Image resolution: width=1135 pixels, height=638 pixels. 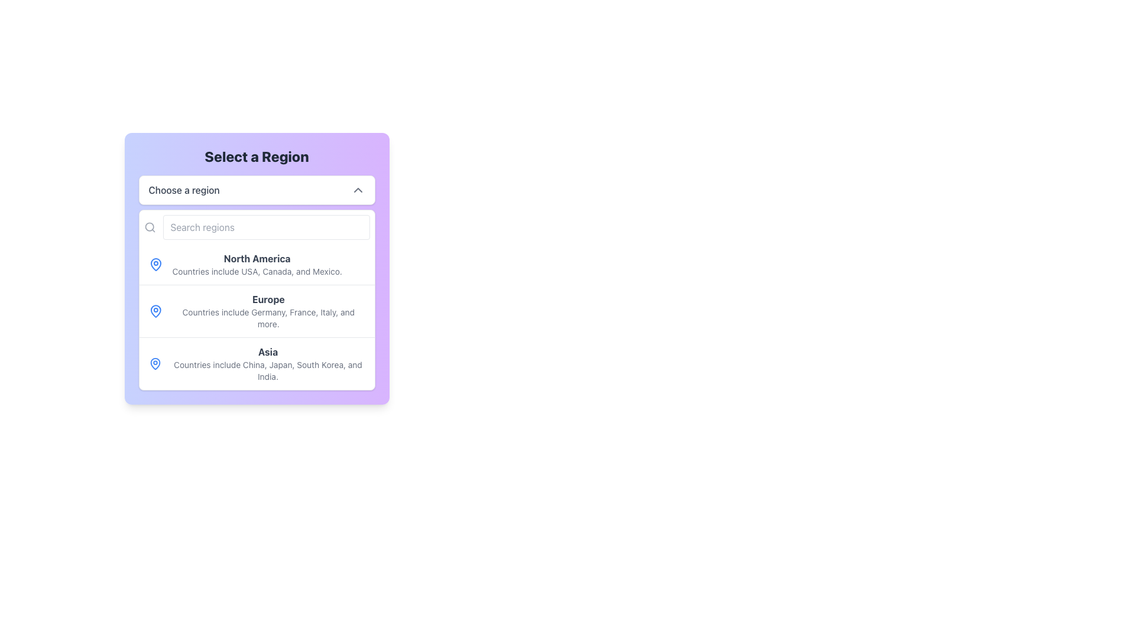 I want to click on the List item labeled 'Europe', which has a bold dark gray title and a description about countries, so click(x=256, y=311).